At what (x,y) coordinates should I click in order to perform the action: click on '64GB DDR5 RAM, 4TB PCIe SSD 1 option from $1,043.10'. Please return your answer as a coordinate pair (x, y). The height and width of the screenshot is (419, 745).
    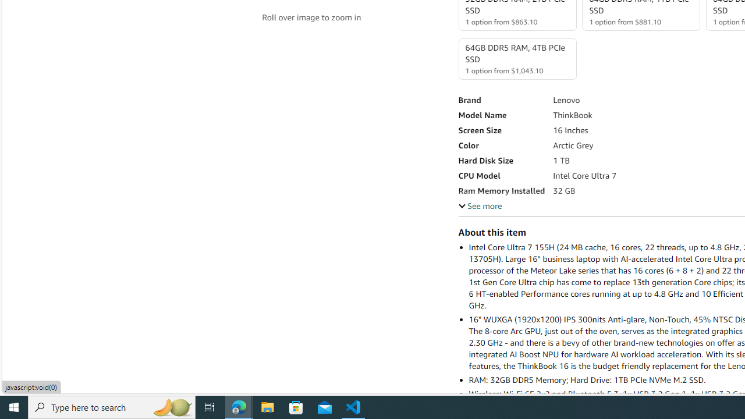
    Looking at the image, I should click on (516, 59).